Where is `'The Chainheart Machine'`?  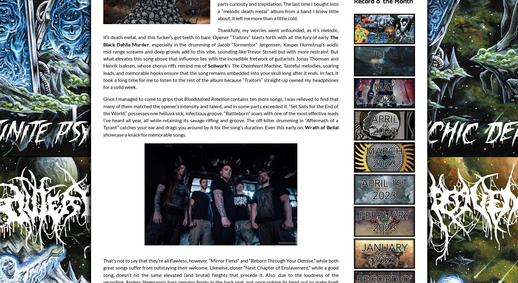 'The Chainheart Machine' is located at coordinates (256, 65).